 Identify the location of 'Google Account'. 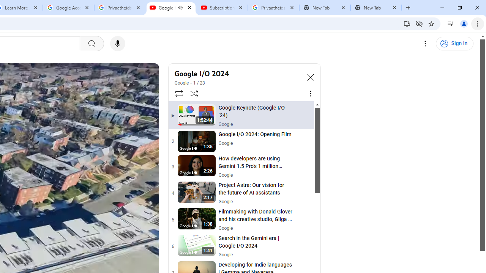
(68, 8).